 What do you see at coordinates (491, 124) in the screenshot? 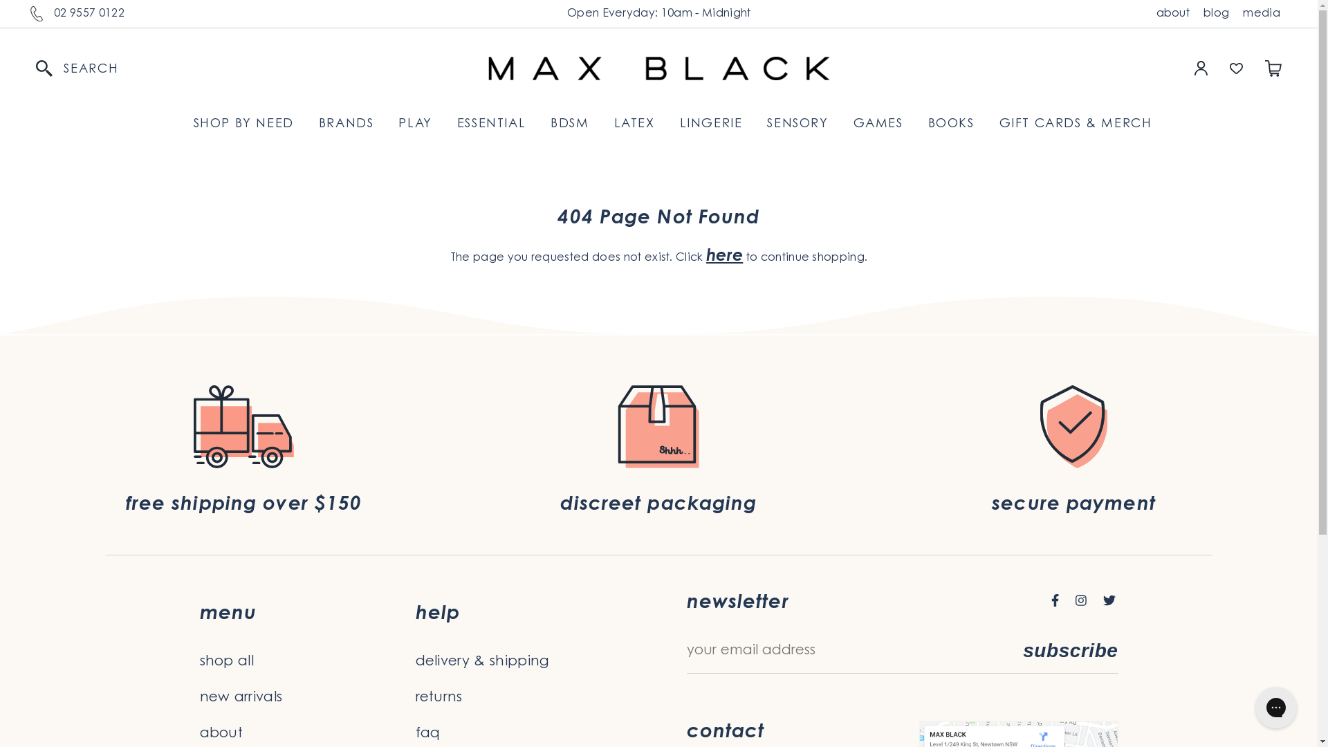
I see `'ESSENTIAL'` at bounding box center [491, 124].